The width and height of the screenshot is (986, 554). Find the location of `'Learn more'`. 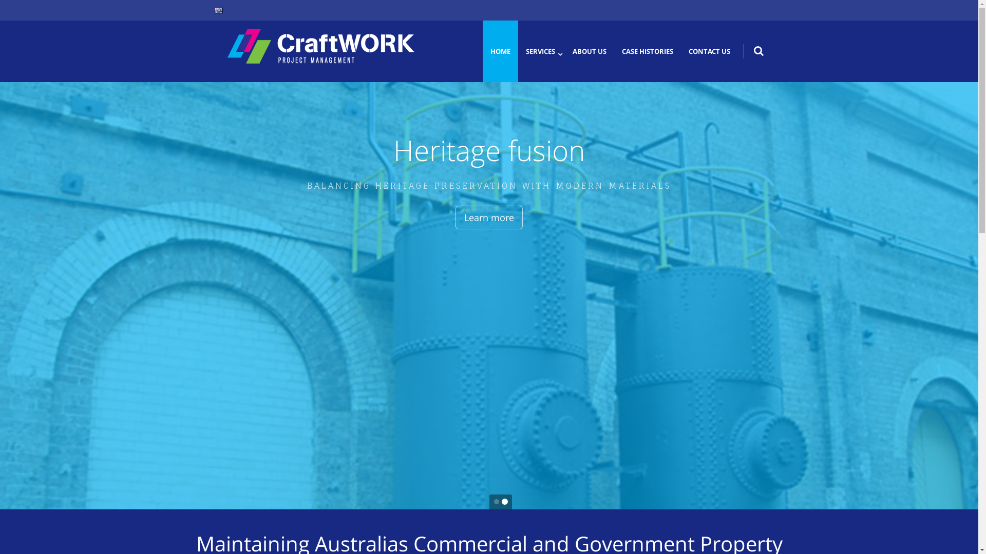

'Learn more' is located at coordinates (468, 217).